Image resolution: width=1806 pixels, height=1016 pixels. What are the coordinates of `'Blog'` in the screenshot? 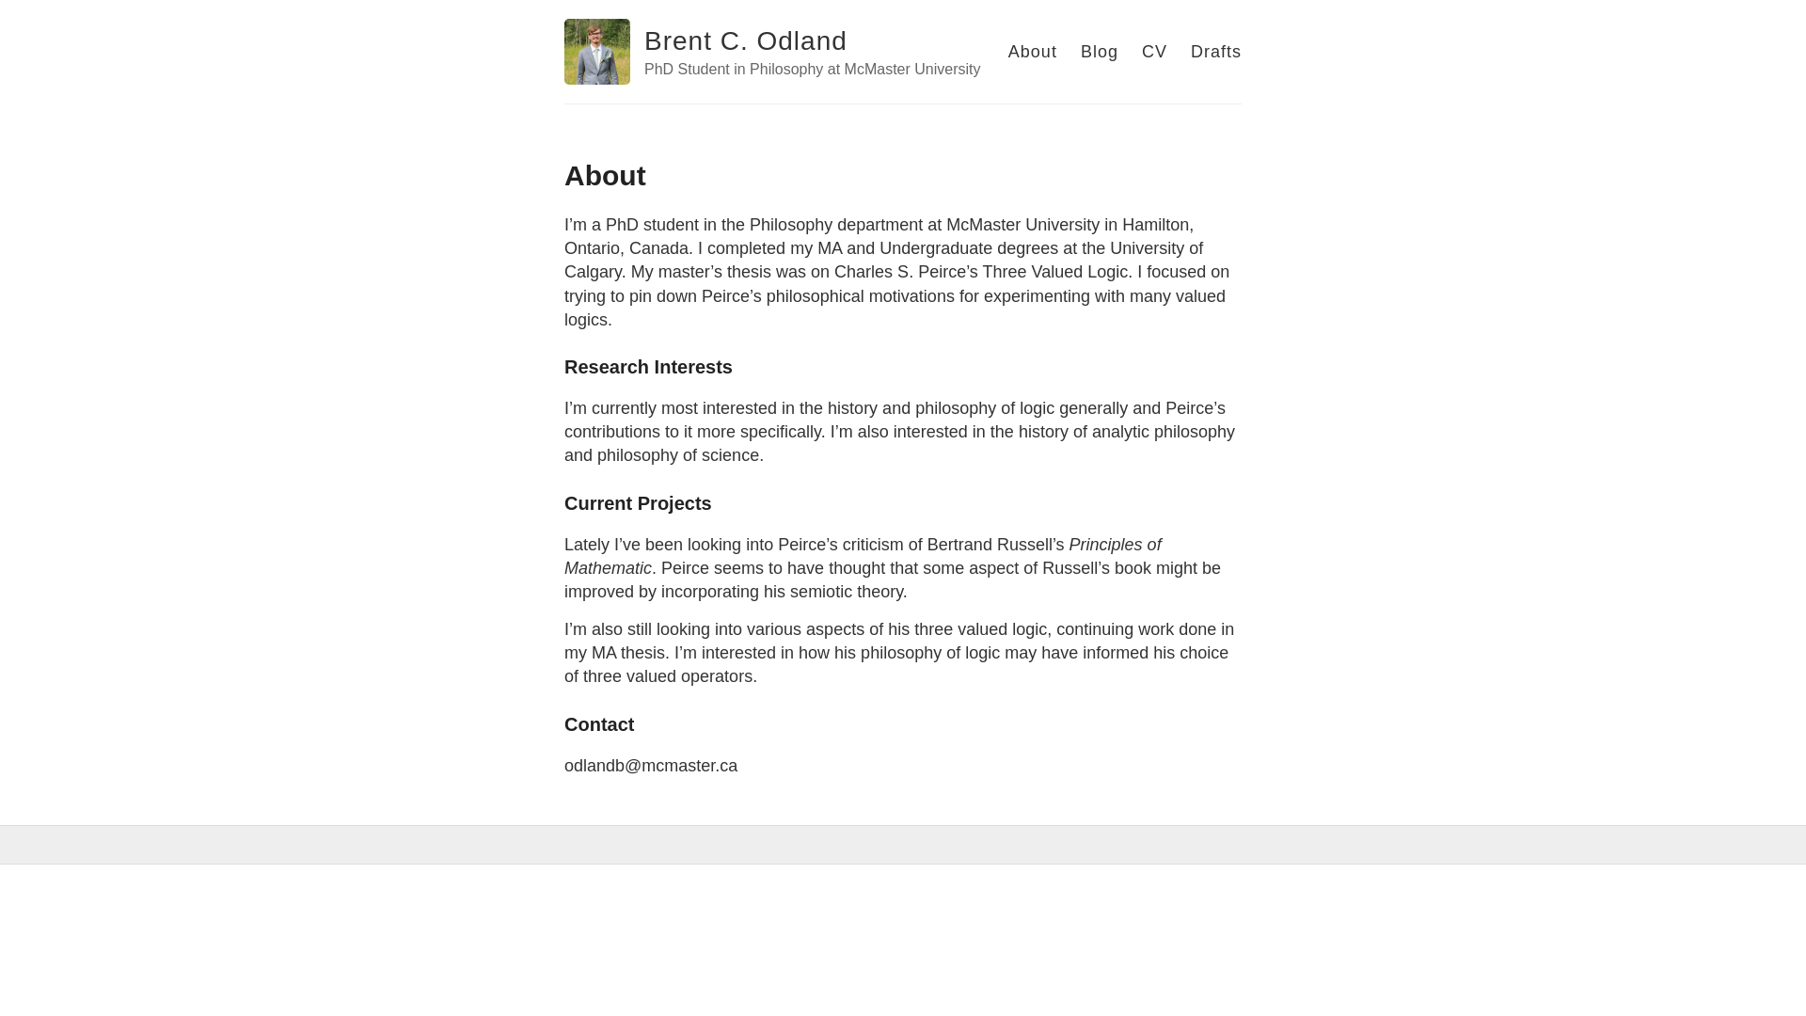 It's located at (1100, 50).